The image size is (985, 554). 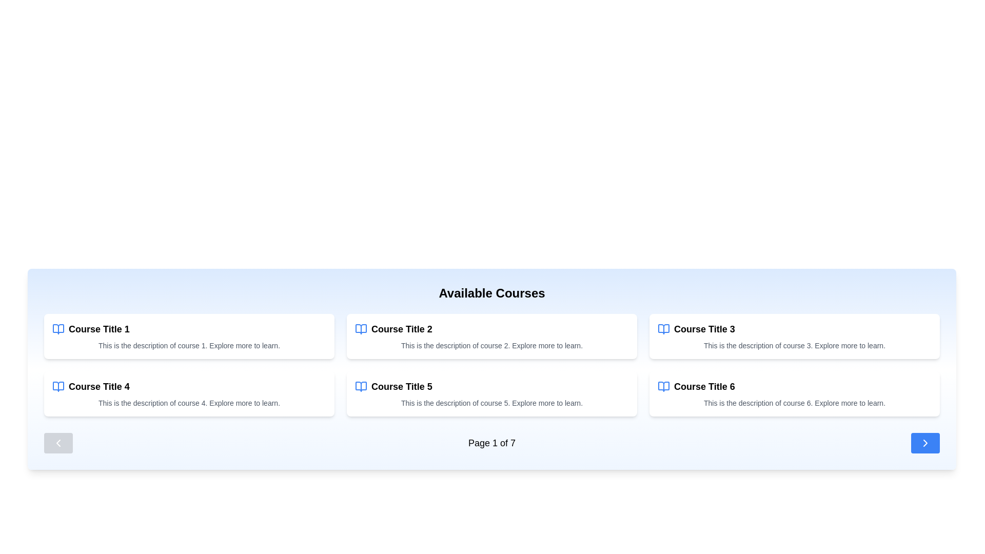 I want to click on the bold text label reading 'Course Title 4' located in the second row of the course list under 'Available Courses', above the description text and next to the book icon, so click(x=99, y=386).